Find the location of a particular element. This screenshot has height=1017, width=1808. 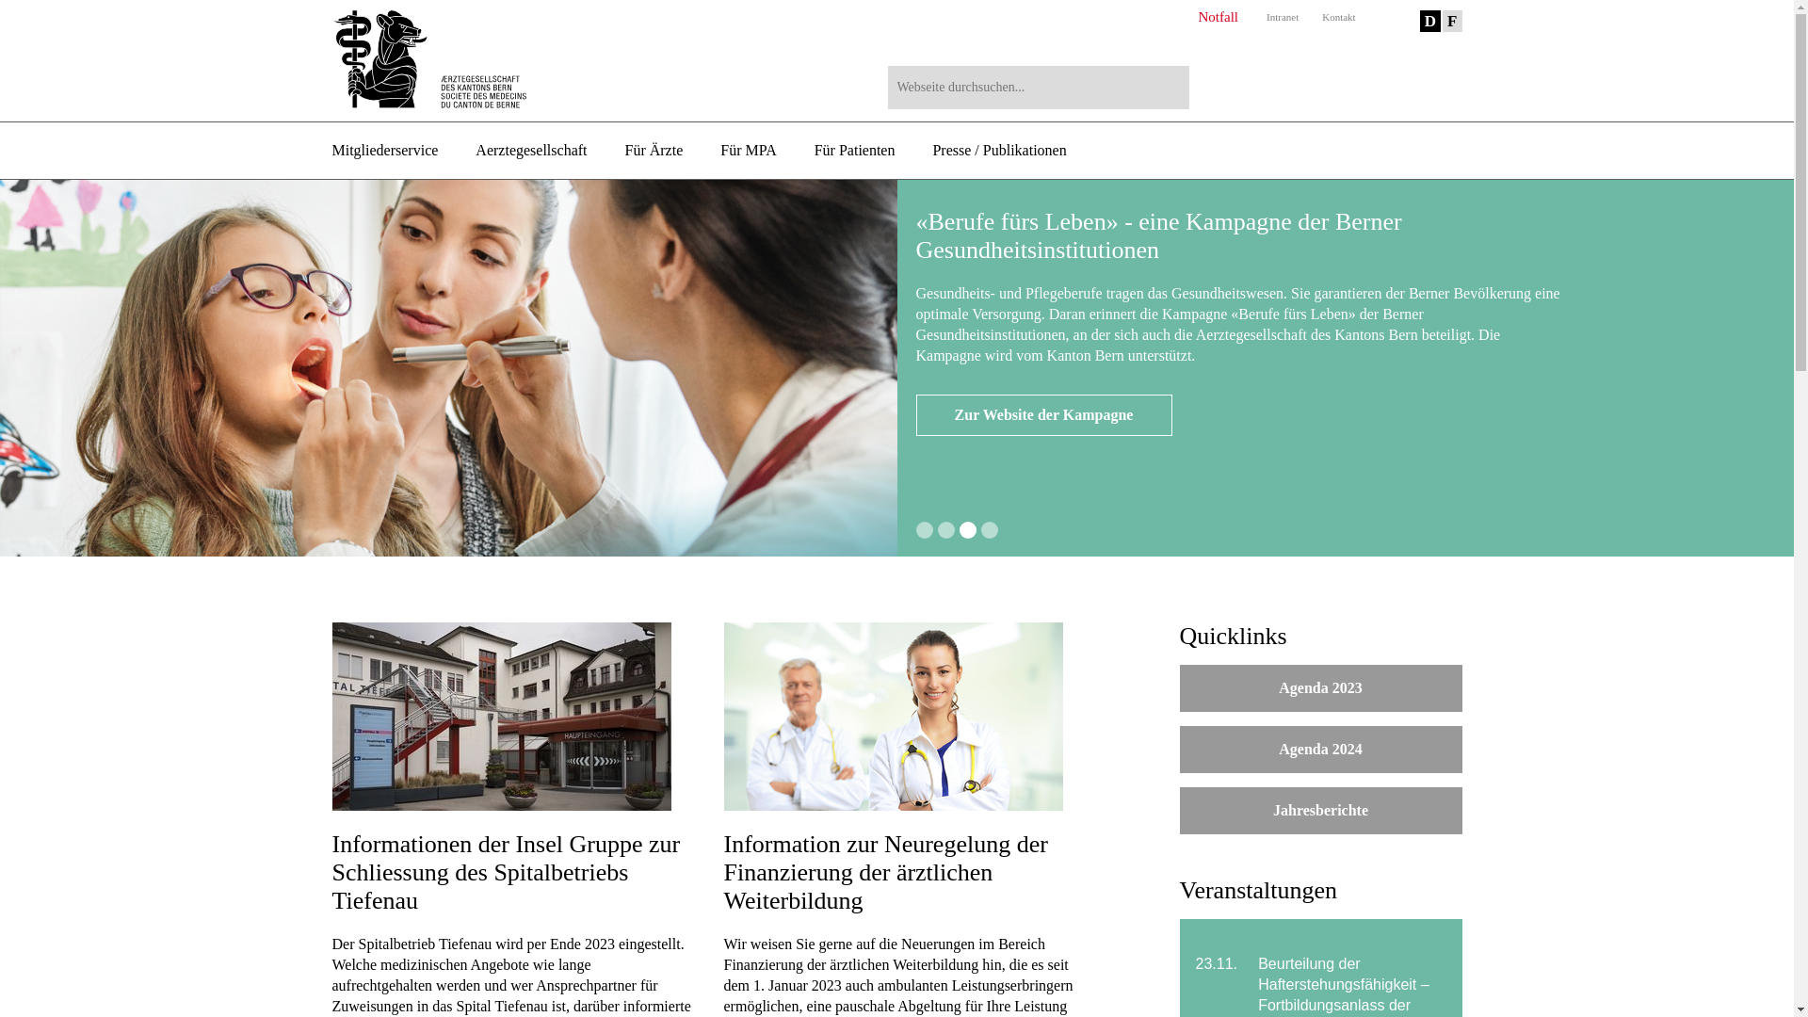

'F' is located at coordinates (1450, 21).